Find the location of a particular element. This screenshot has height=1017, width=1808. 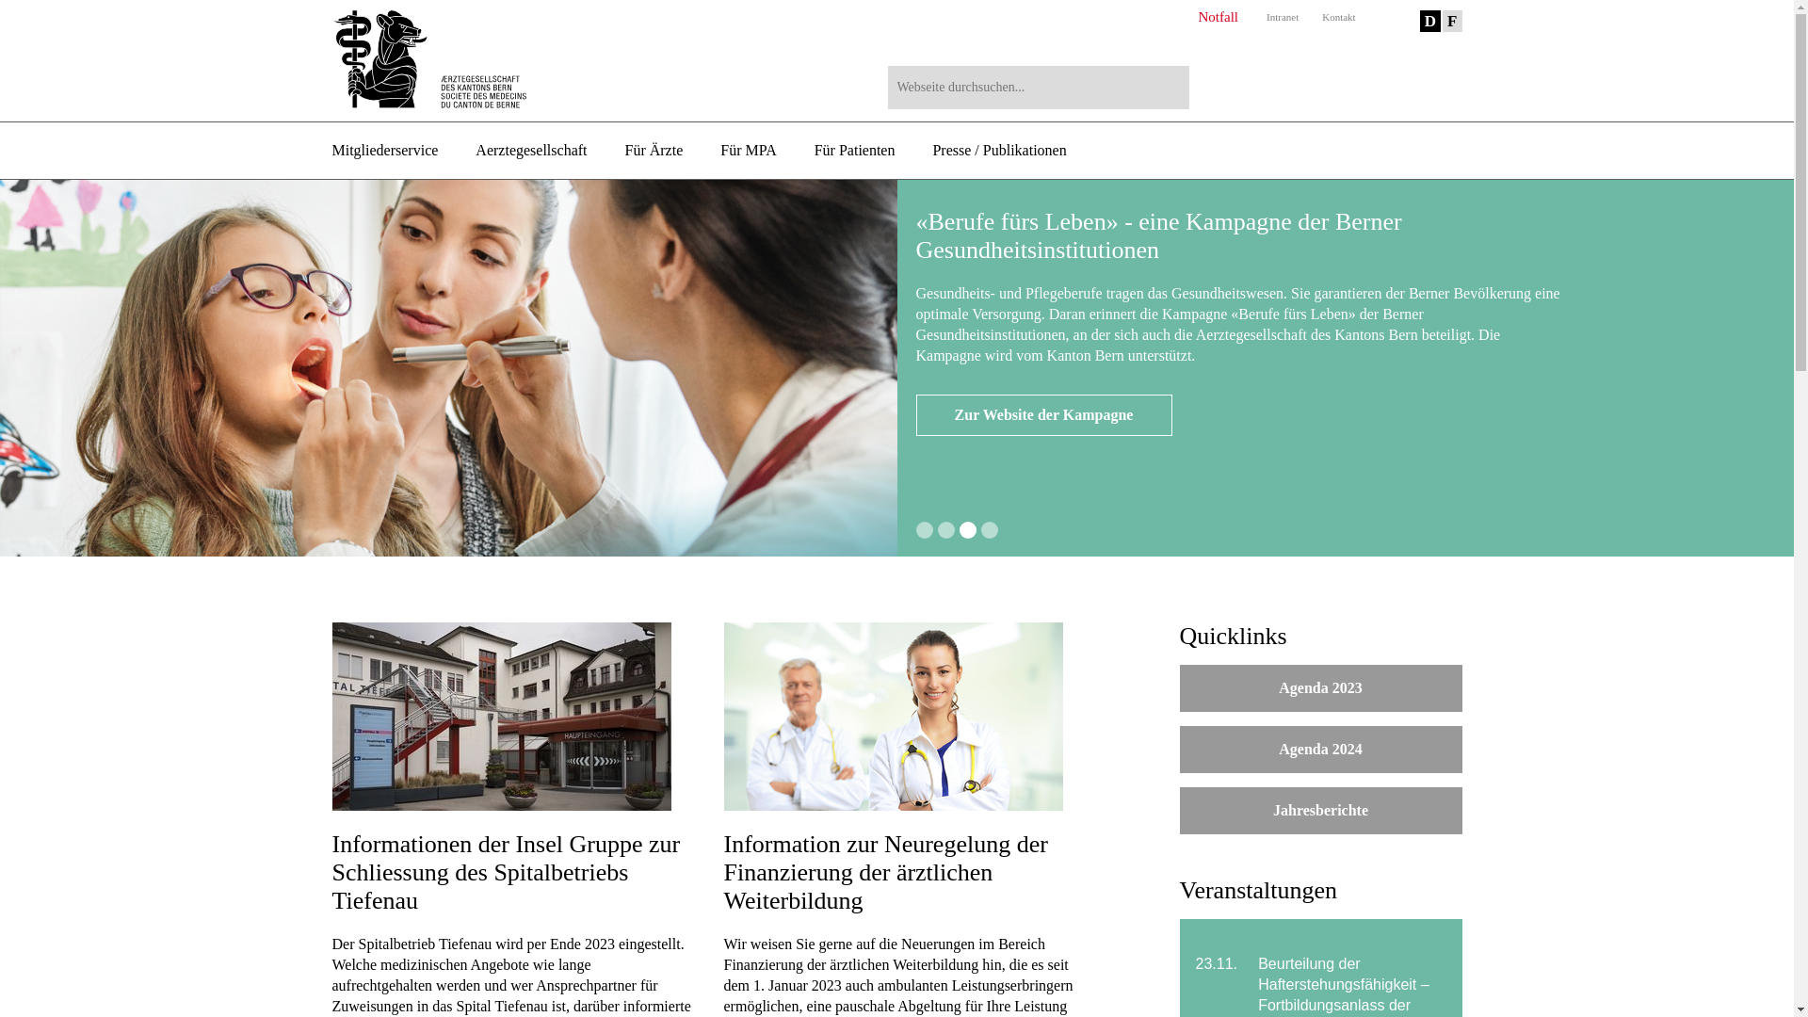

'F' is located at coordinates (1450, 21).